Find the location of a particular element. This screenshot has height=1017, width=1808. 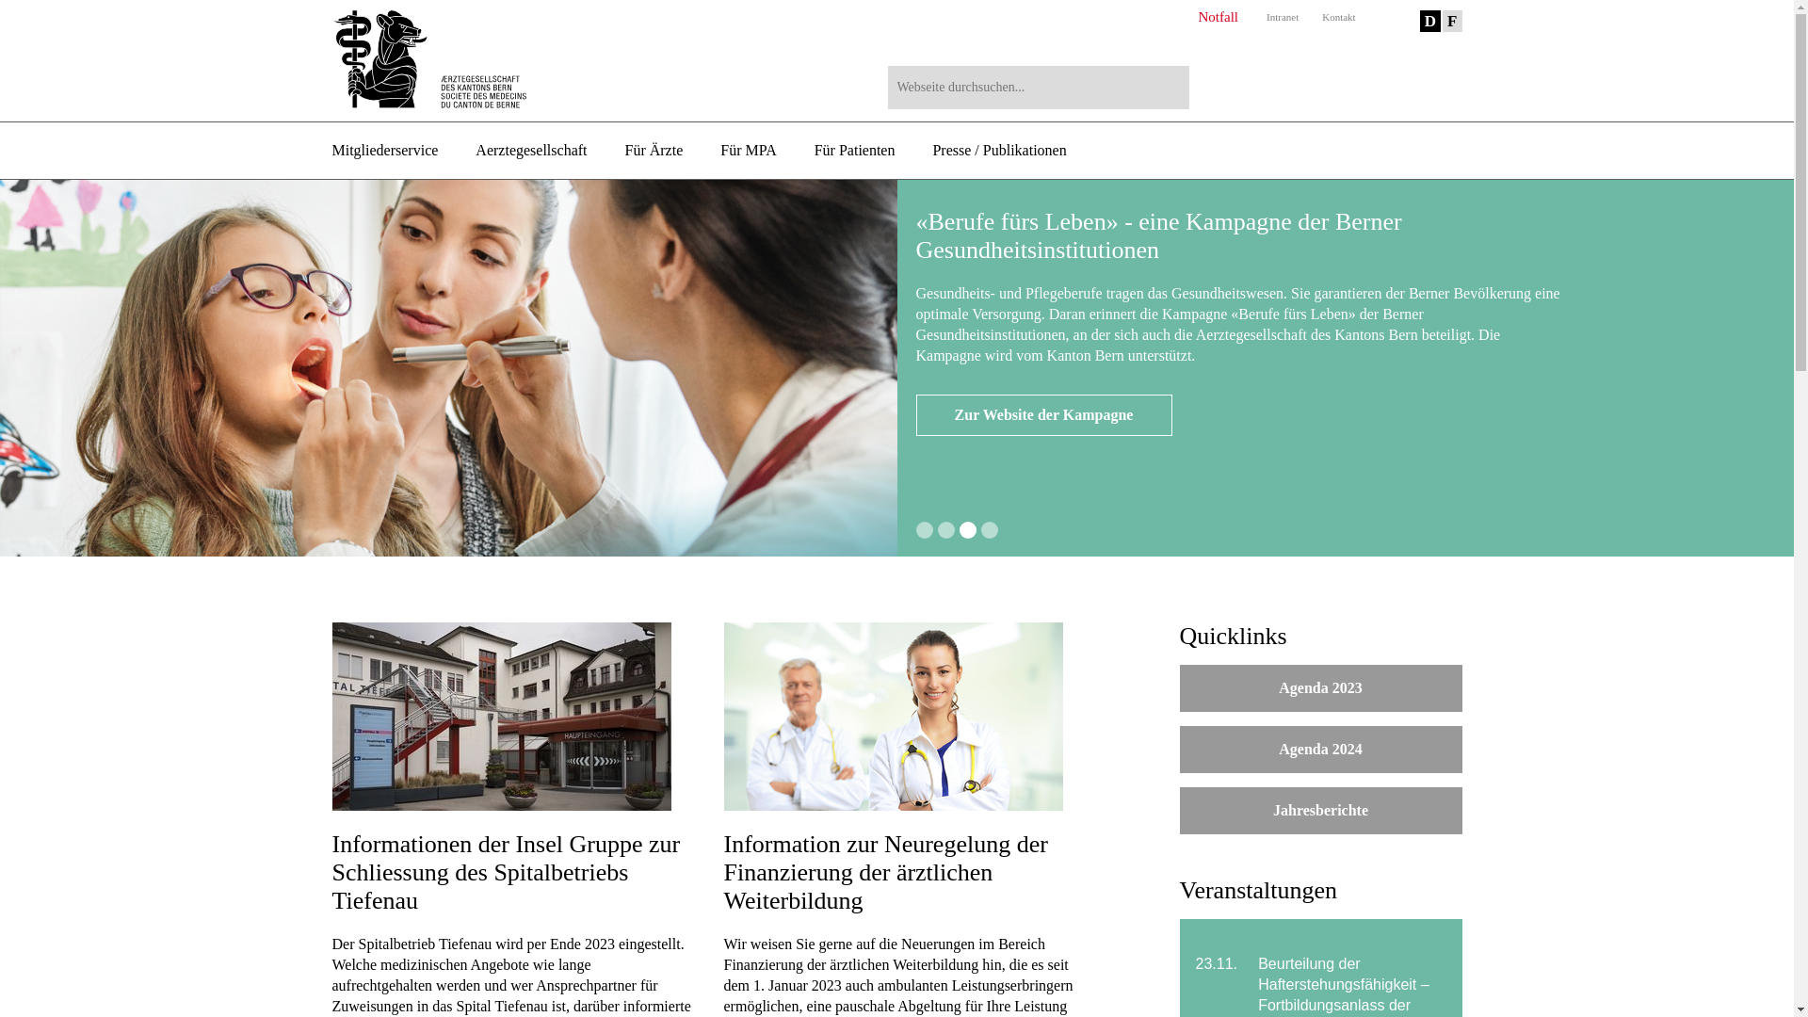

'F' is located at coordinates (1450, 21).